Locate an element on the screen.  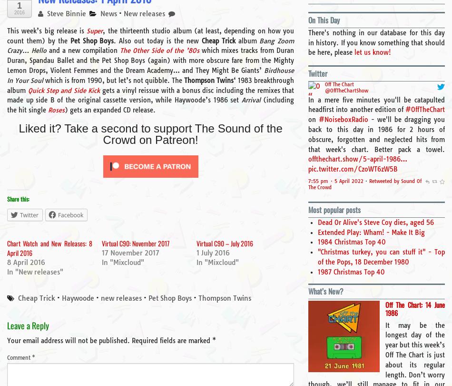
'The Other Side of the ’80s' is located at coordinates (158, 51).